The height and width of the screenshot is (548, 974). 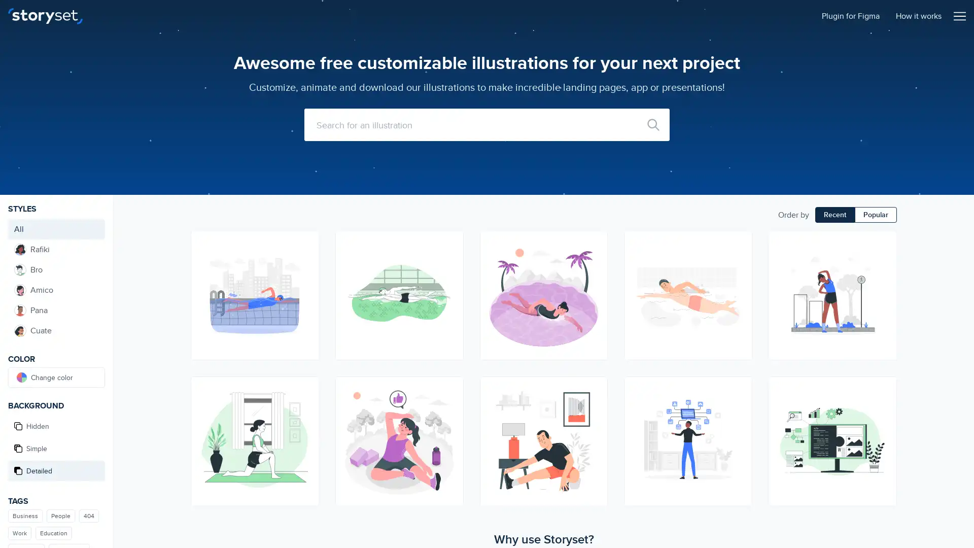 I want to click on Pinterest icon Save, so click(x=883, y=280).